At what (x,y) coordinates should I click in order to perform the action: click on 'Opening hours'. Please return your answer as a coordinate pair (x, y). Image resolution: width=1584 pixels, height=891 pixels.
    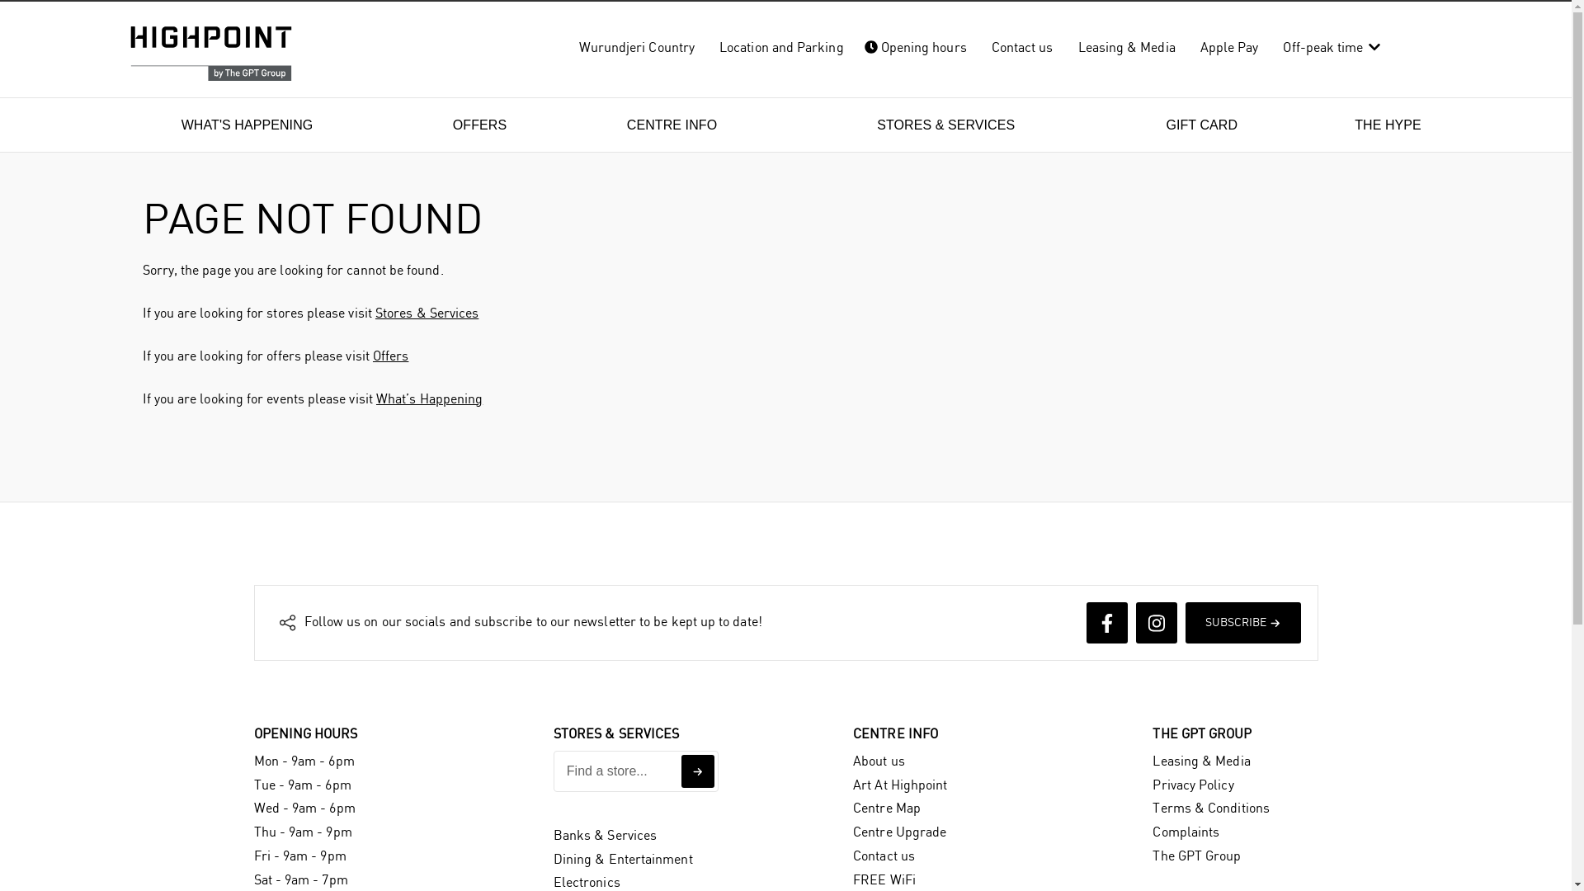
    Looking at the image, I should click on (856, 47).